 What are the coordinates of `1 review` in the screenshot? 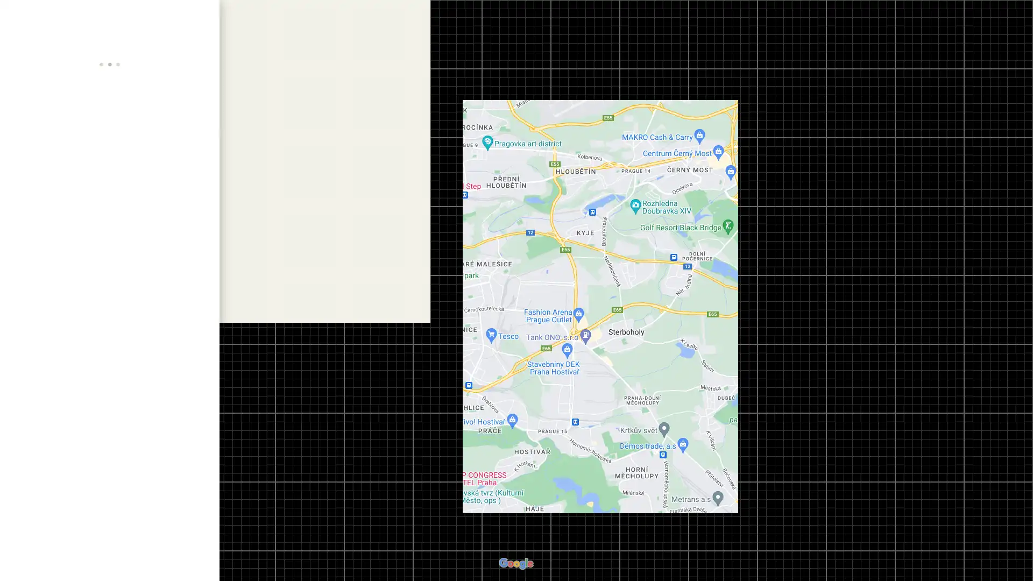 It's located at (80, 162).